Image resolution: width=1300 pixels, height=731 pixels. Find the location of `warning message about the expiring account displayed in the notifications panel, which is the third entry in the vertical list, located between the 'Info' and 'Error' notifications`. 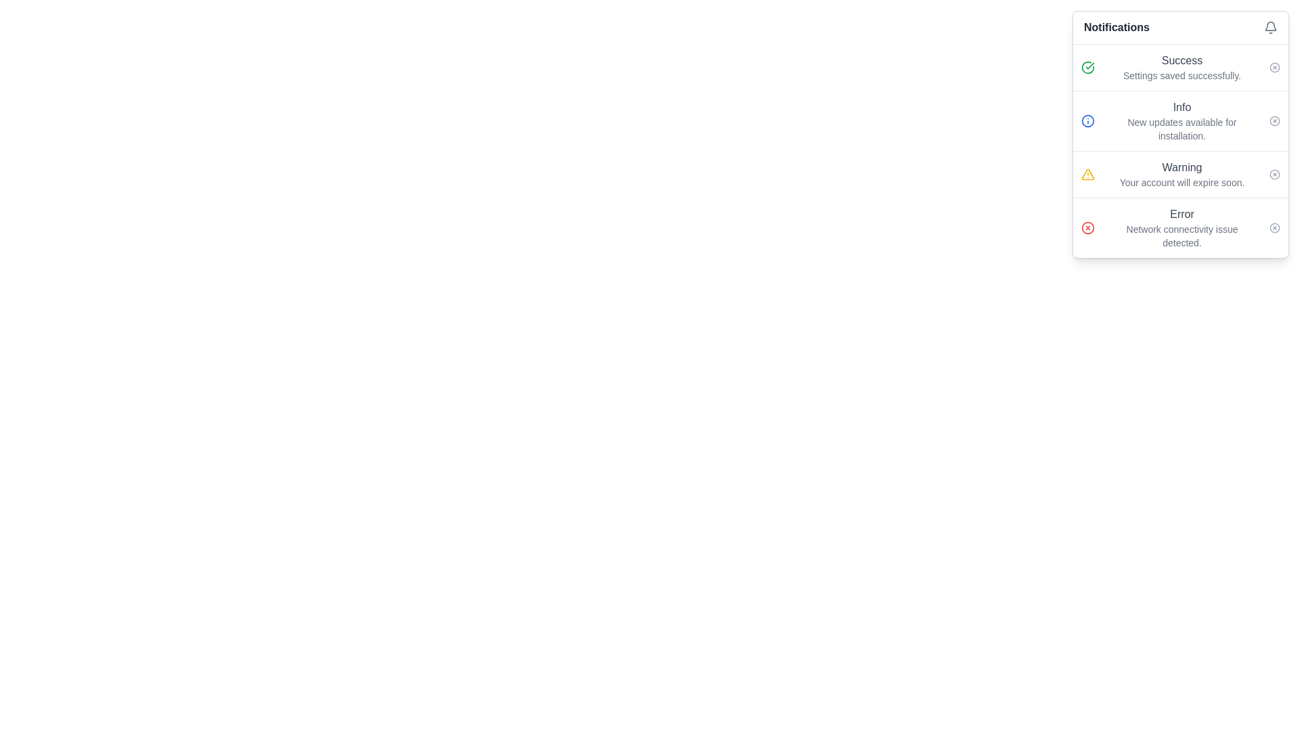

warning message about the expiring account displayed in the notifications panel, which is the third entry in the vertical list, located between the 'Info' and 'Error' notifications is located at coordinates (1182, 174).